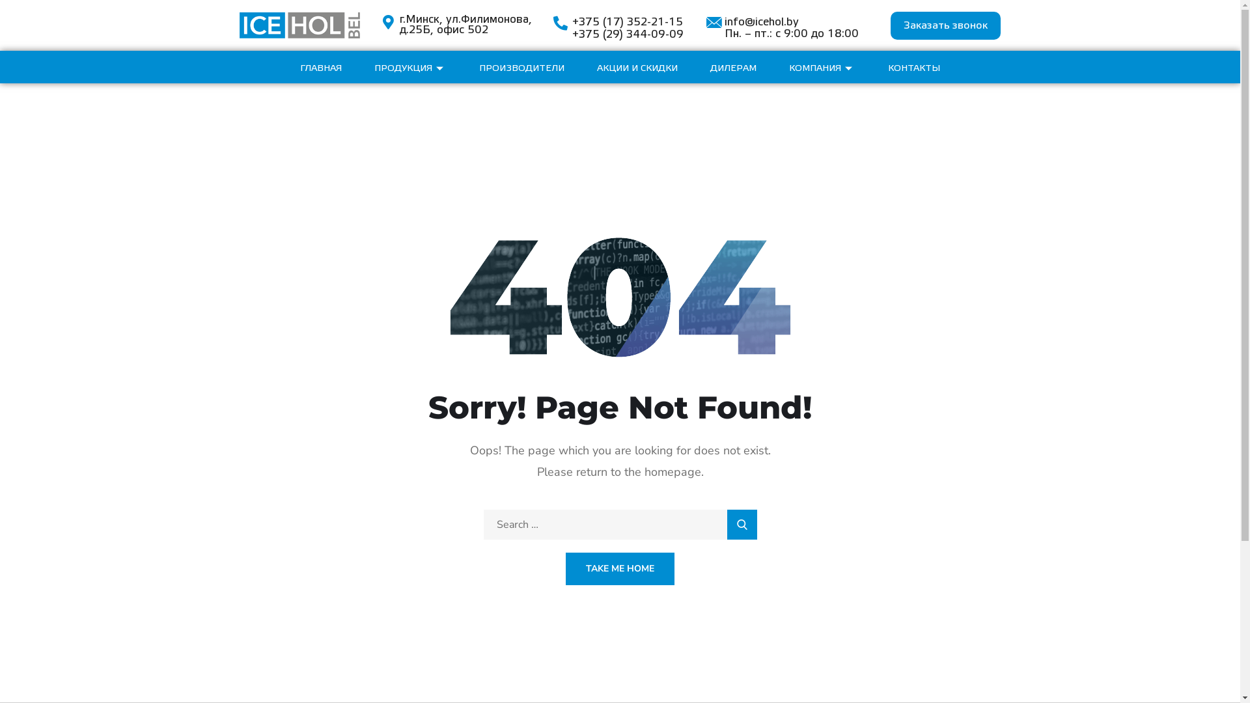 The width and height of the screenshot is (1250, 703). Describe the element at coordinates (619, 568) in the screenshot. I see `'TAKE ME HOME'` at that location.